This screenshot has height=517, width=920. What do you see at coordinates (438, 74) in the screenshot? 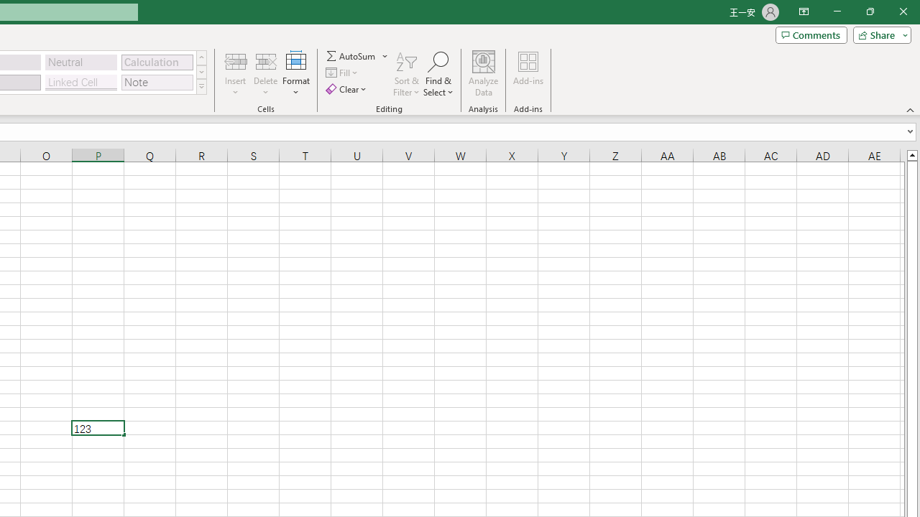
I see `'Find & Select'` at bounding box center [438, 74].